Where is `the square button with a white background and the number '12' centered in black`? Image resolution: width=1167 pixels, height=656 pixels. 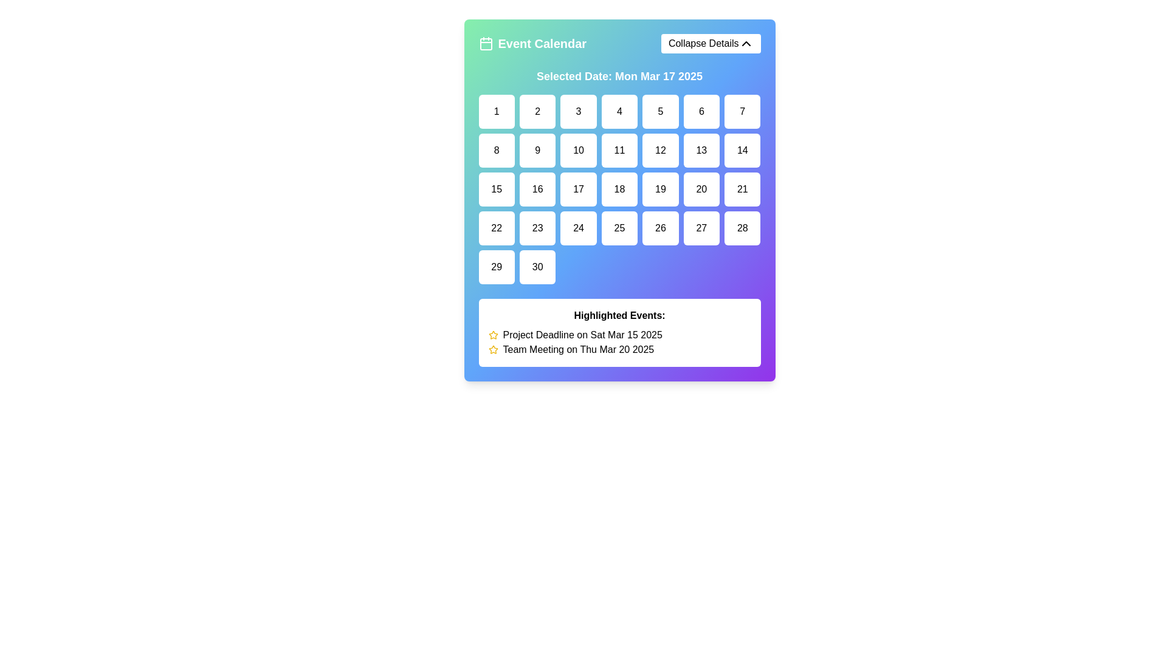
the square button with a white background and the number '12' centered in black is located at coordinates (659, 149).